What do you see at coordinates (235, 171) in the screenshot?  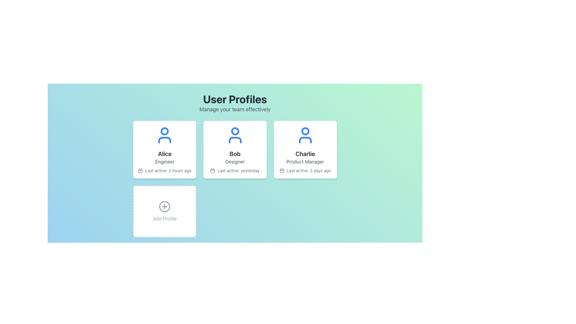 I see `the informational text element with a calendar icon that shows 'Last active: yesterday', located at the bottom of Bob's user card` at bounding box center [235, 171].